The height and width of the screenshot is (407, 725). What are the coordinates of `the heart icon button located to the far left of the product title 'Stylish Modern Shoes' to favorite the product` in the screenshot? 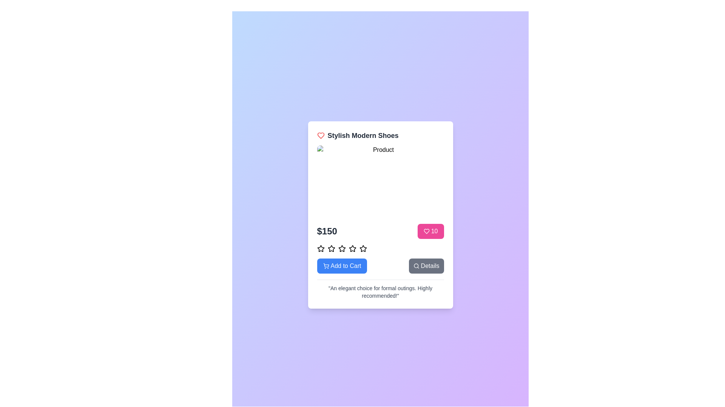 It's located at (321, 135).